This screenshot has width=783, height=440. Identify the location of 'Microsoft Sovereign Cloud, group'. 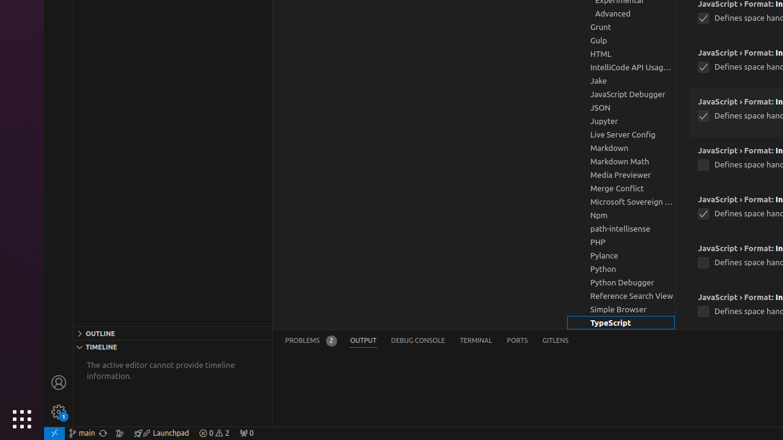
(621, 200).